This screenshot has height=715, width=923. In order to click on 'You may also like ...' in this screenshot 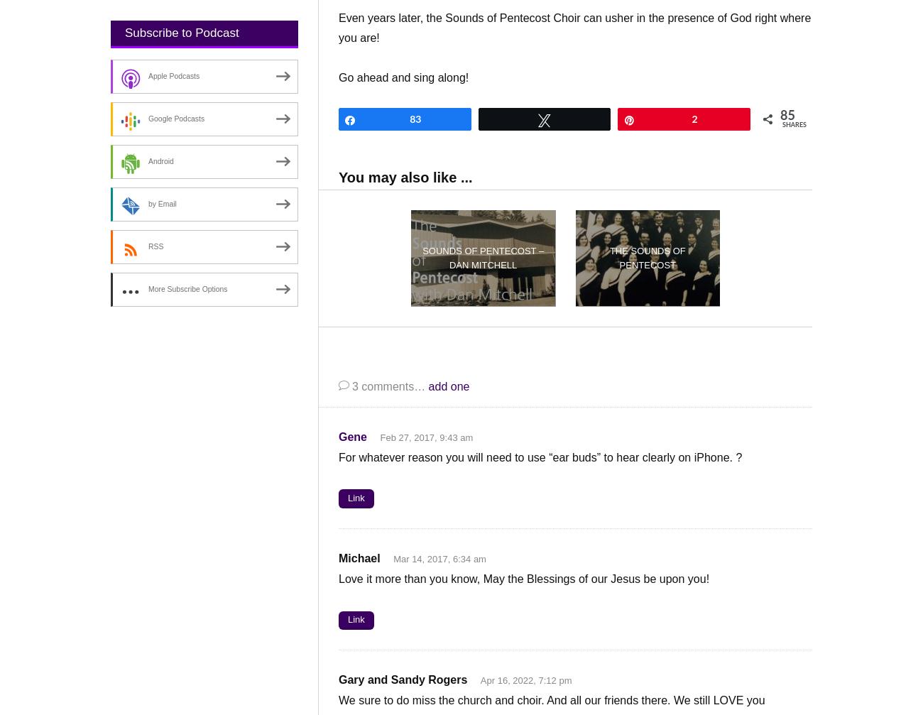, I will do `click(337, 177)`.